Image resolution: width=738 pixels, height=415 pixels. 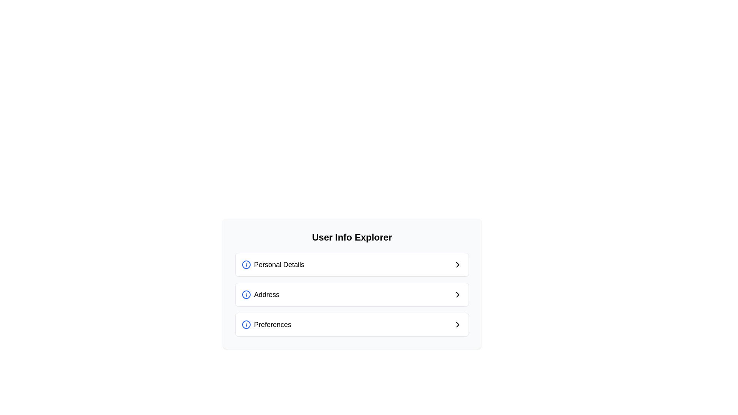 I want to click on the SVG Circle element that visually indicates the entry for 'Preferences', positioned centrally within the third row of the list items, so click(x=246, y=324).